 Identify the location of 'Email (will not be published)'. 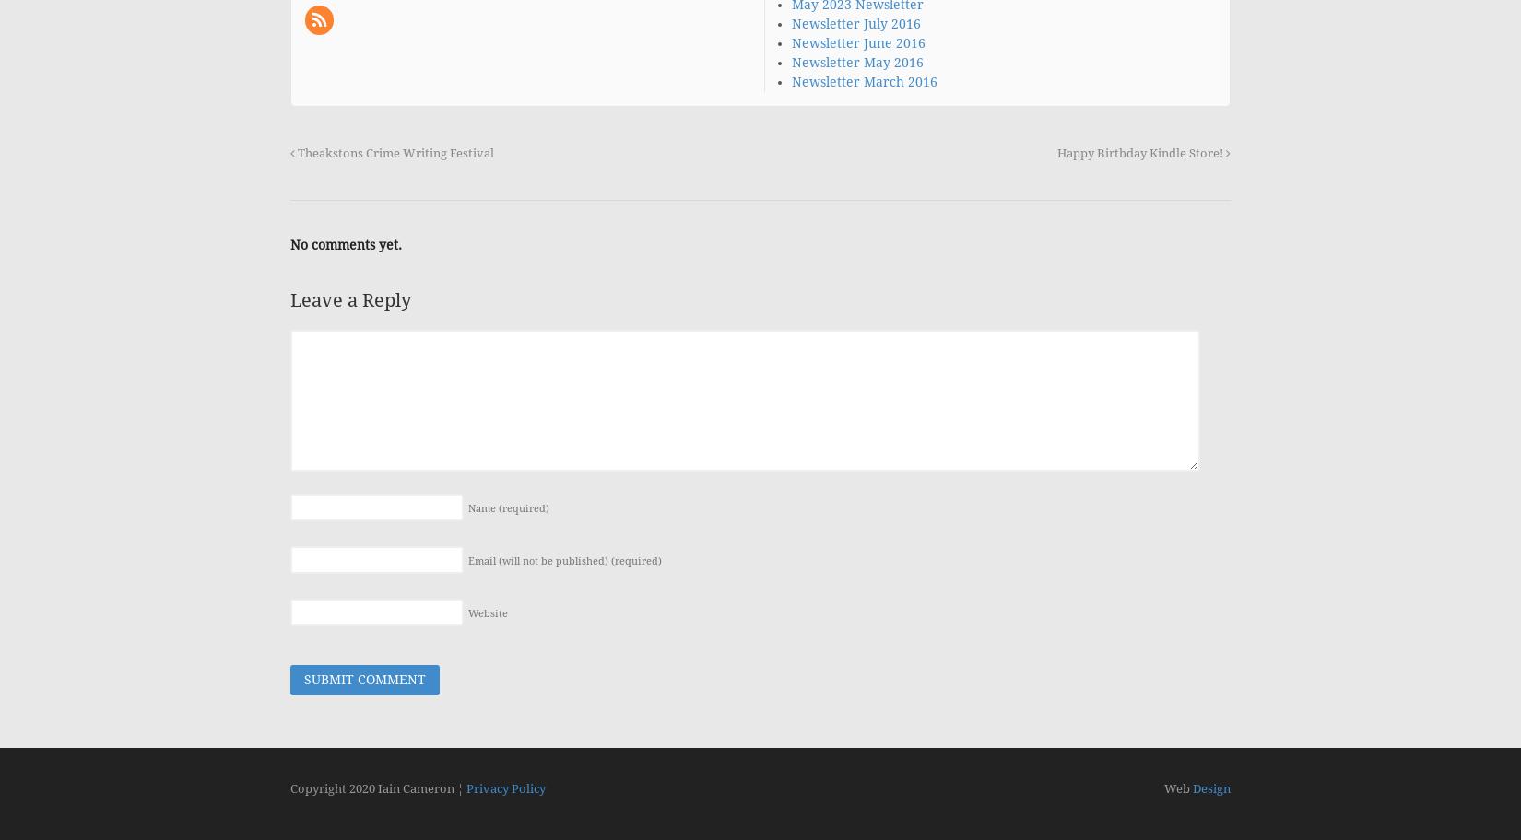
(467, 561).